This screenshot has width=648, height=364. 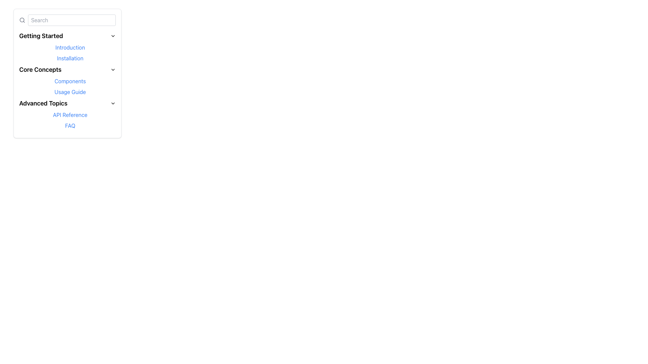 What do you see at coordinates (40, 70) in the screenshot?
I see `the 'Core Concepts' text label in the navigation menu` at bounding box center [40, 70].